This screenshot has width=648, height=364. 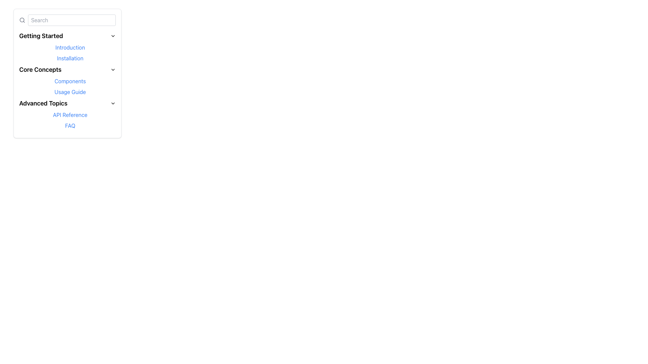 What do you see at coordinates (40, 70) in the screenshot?
I see `the 'Core Concepts' text label in the navigation menu` at bounding box center [40, 70].